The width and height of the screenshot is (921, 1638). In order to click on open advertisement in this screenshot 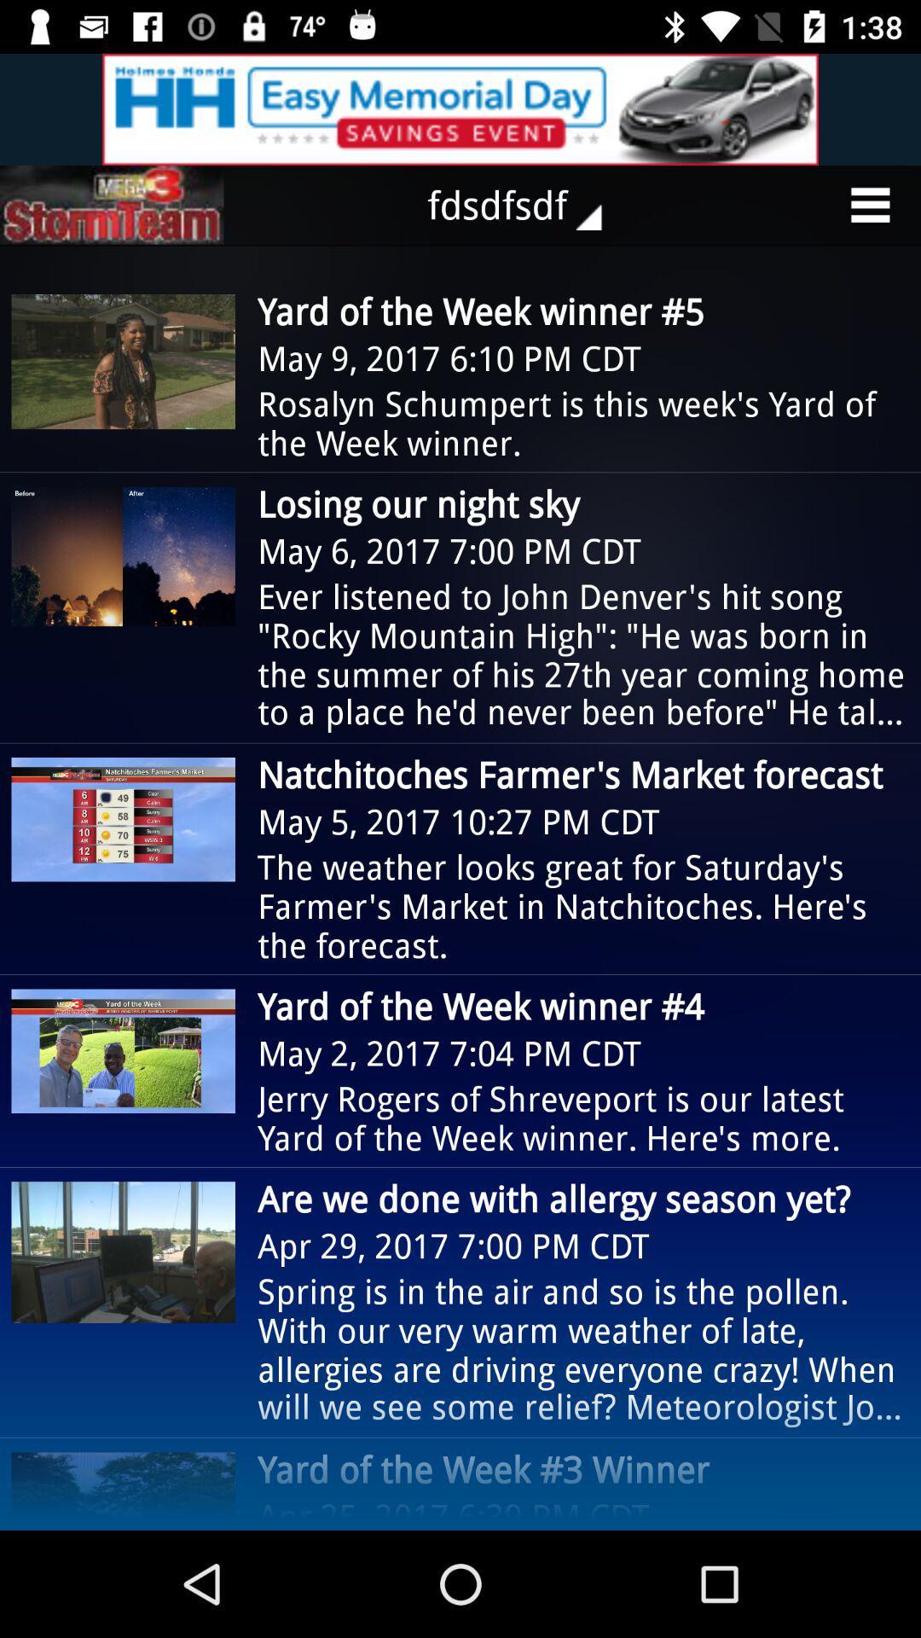, I will do `click(460, 108)`.